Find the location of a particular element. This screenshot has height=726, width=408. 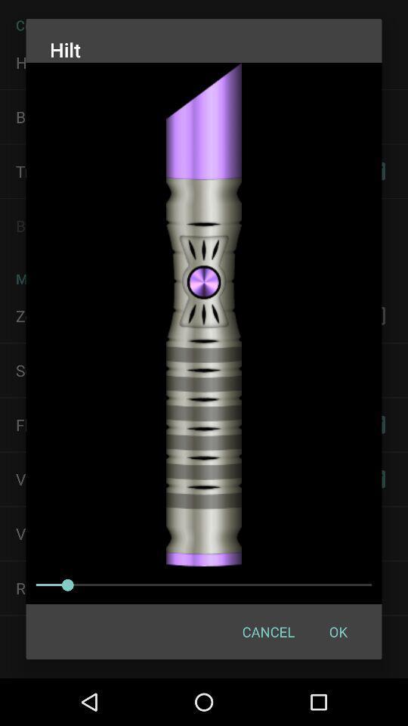

ok is located at coordinates (338, 631).